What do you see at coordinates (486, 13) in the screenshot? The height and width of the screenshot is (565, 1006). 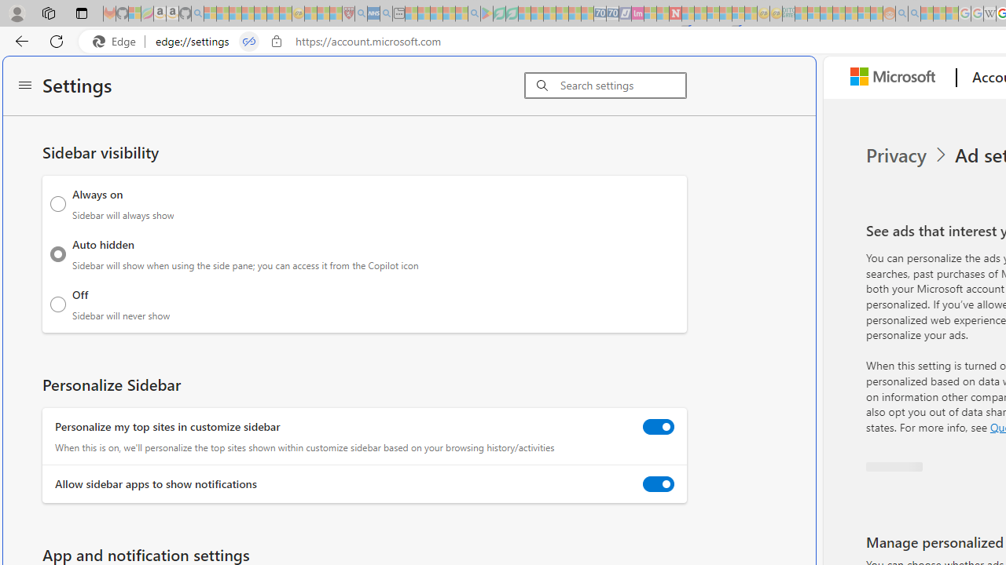 I see `'Bluey: Let'` at bounding box center [486, 13].